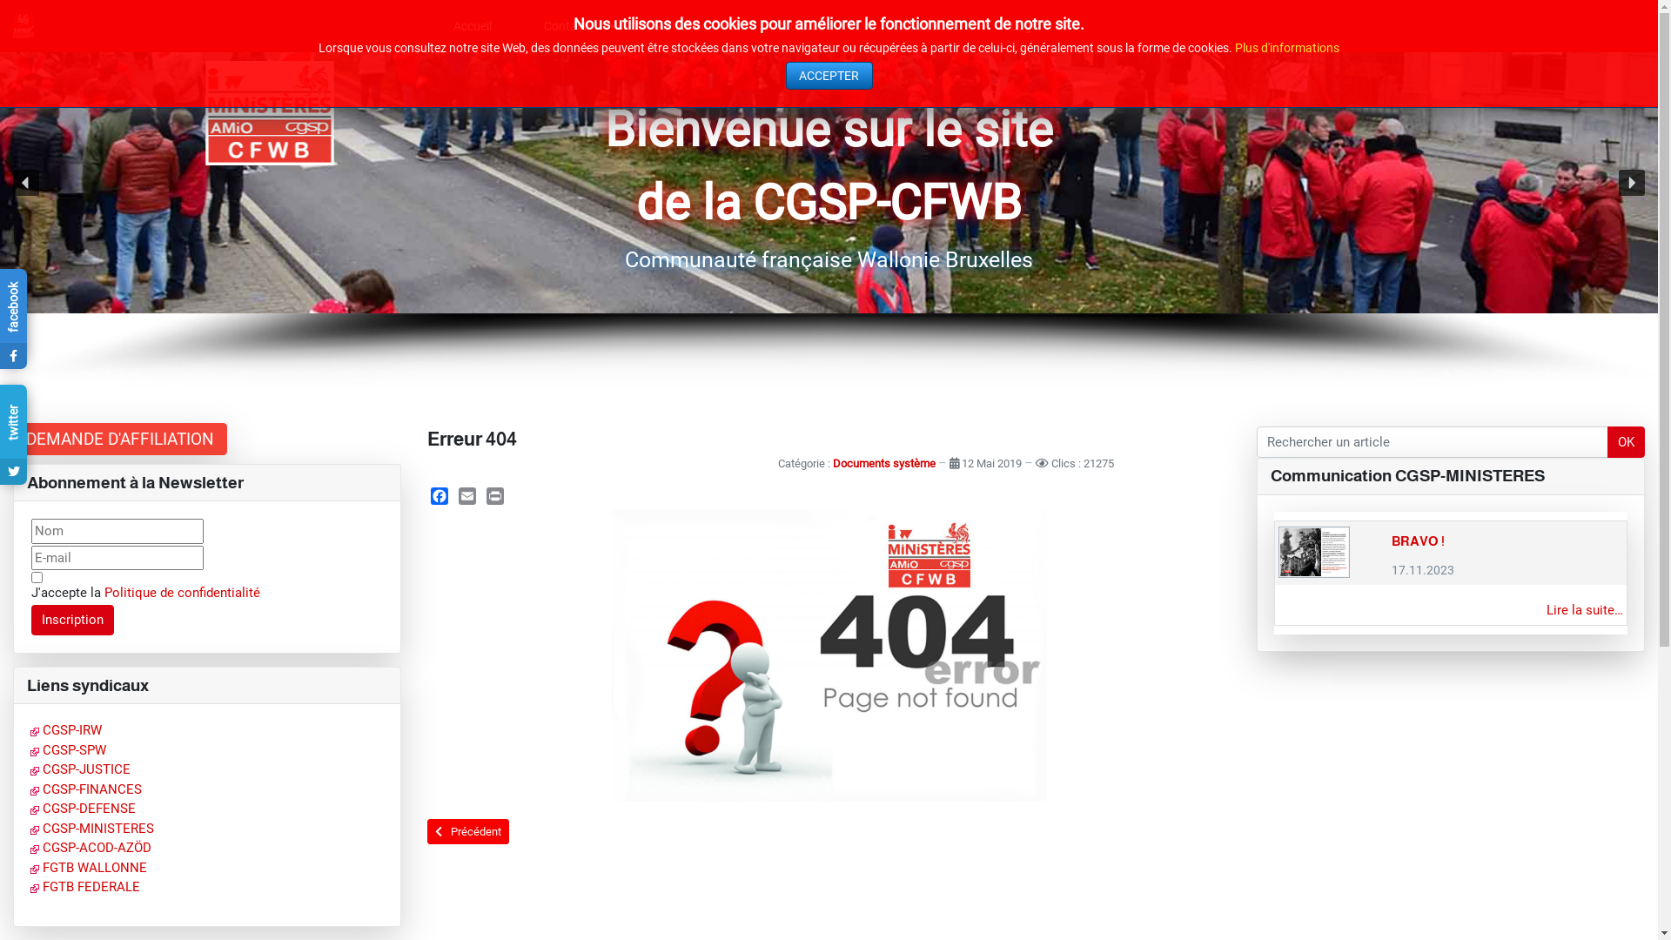  Describe the element at coordinates (30, 730) in the screenshot. I see `' CGSP-IRW'` at that location.